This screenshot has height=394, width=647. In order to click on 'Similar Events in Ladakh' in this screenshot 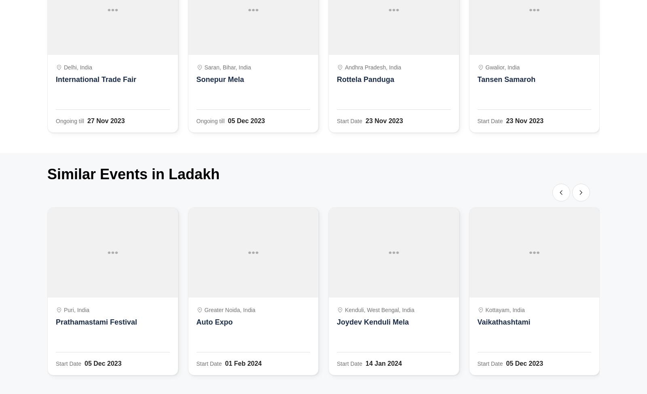, I will do `click(133, 174)`.